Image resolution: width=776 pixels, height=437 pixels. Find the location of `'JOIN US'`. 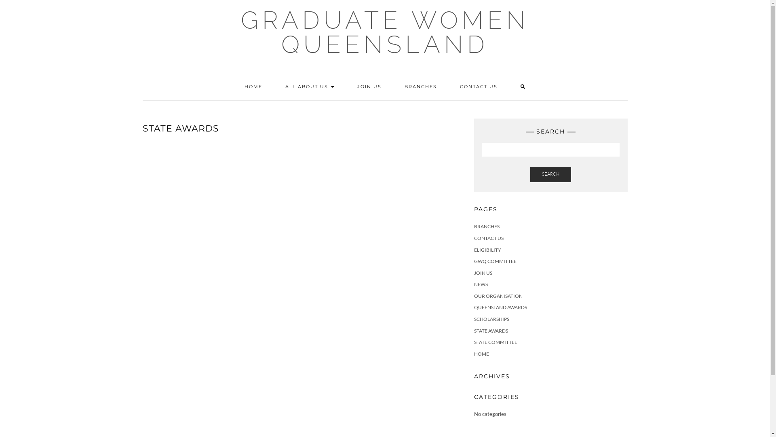

'JOIN US' is located at coordinates (368, 86).